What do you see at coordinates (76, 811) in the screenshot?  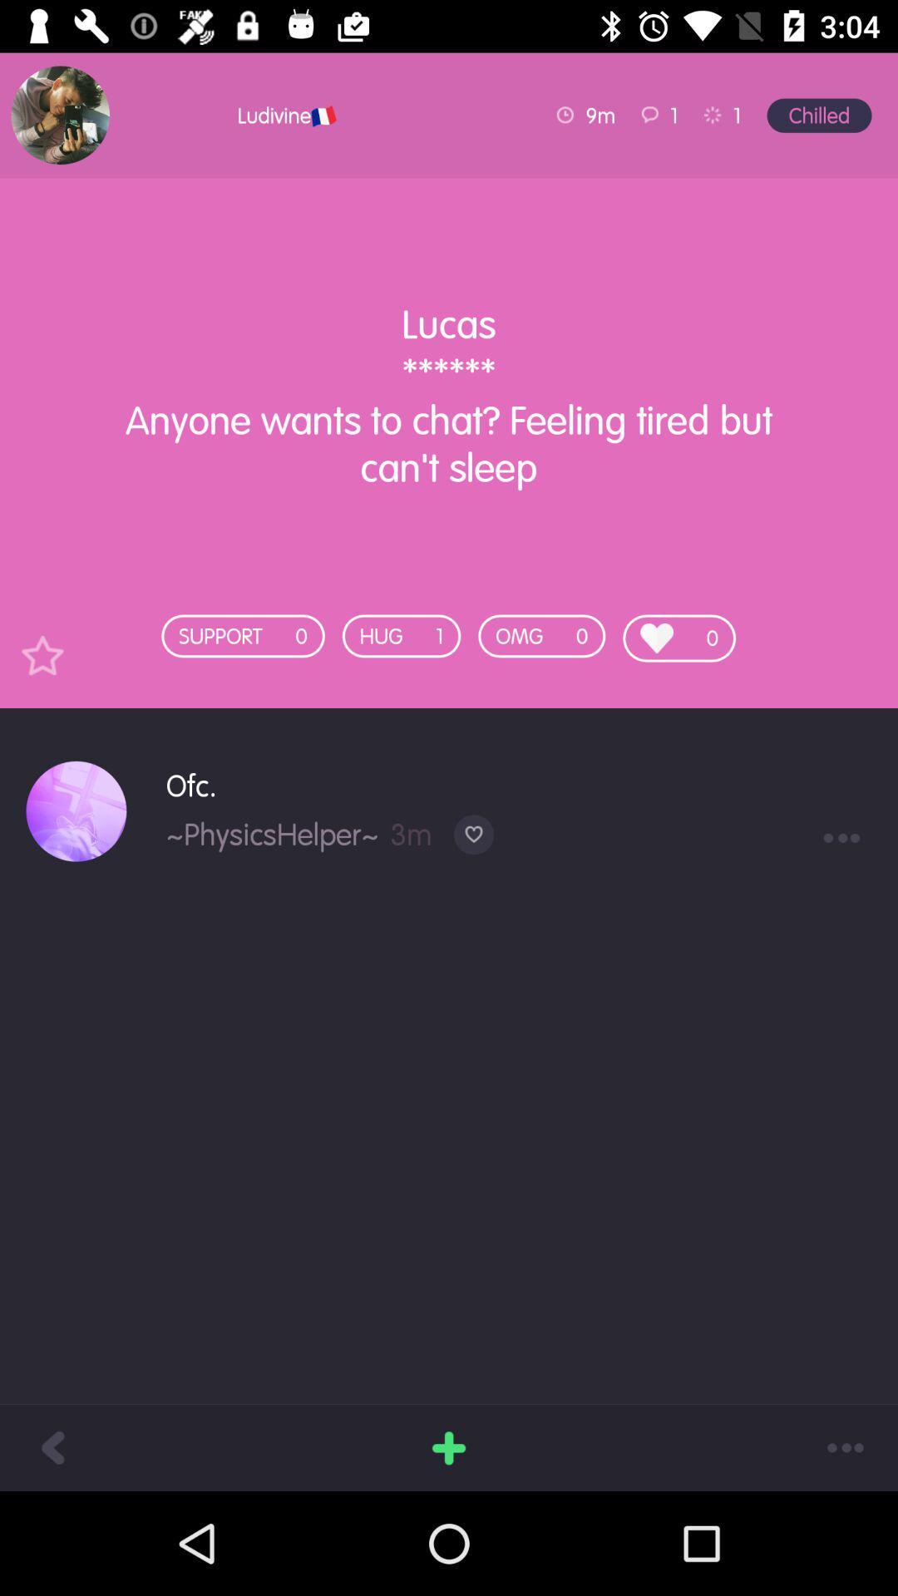 I see `icon next to ofc. icon` at bounding box center [76, 811].